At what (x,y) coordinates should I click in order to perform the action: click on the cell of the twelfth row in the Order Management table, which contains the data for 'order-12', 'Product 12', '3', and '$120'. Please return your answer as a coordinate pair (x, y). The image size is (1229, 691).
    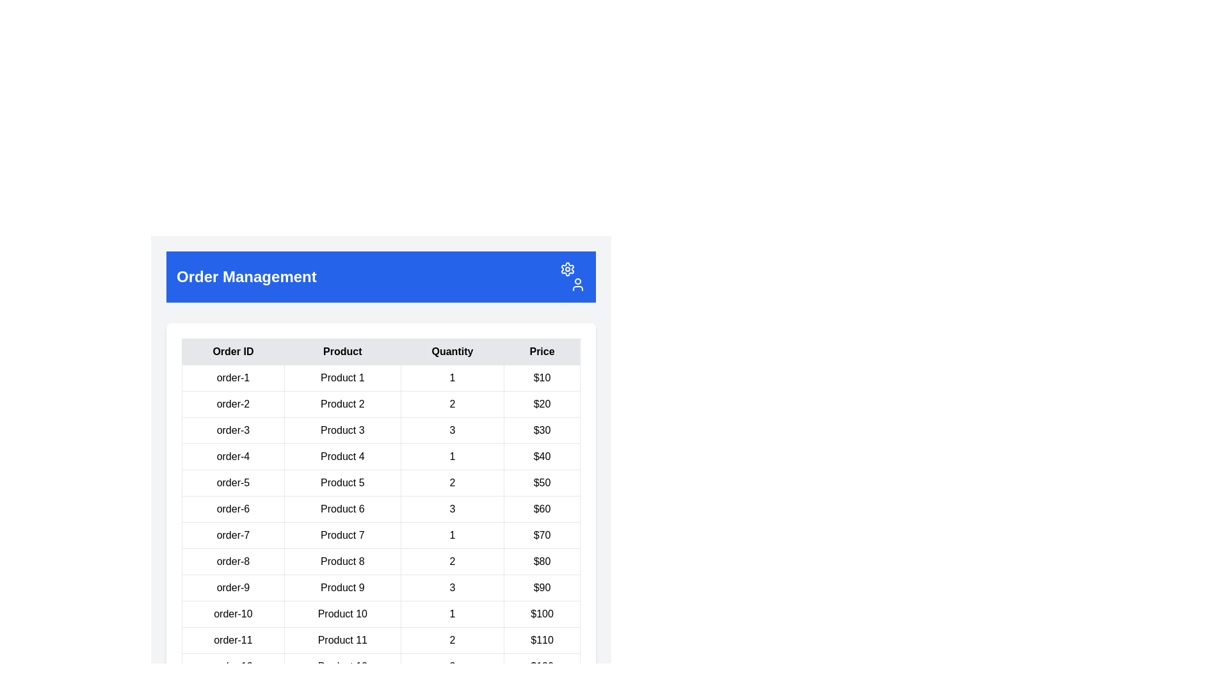
    Looking at the image, I should click on (380, 665).